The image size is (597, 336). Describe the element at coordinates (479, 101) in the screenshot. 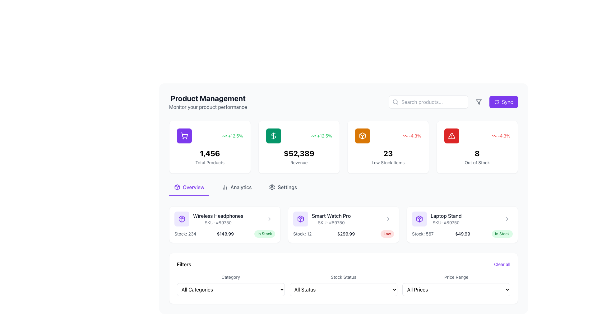

I see `the filter icon, which is a funnel-shaped graphical element located in the top-right region of the interface, adjacent to the search bar` at that location.